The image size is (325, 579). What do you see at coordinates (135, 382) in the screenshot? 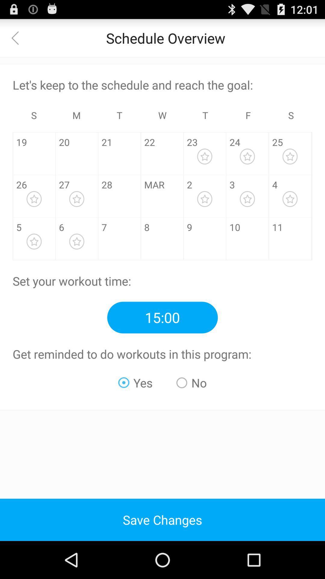
I see `yes radio button` at bounding box center [135, 382].